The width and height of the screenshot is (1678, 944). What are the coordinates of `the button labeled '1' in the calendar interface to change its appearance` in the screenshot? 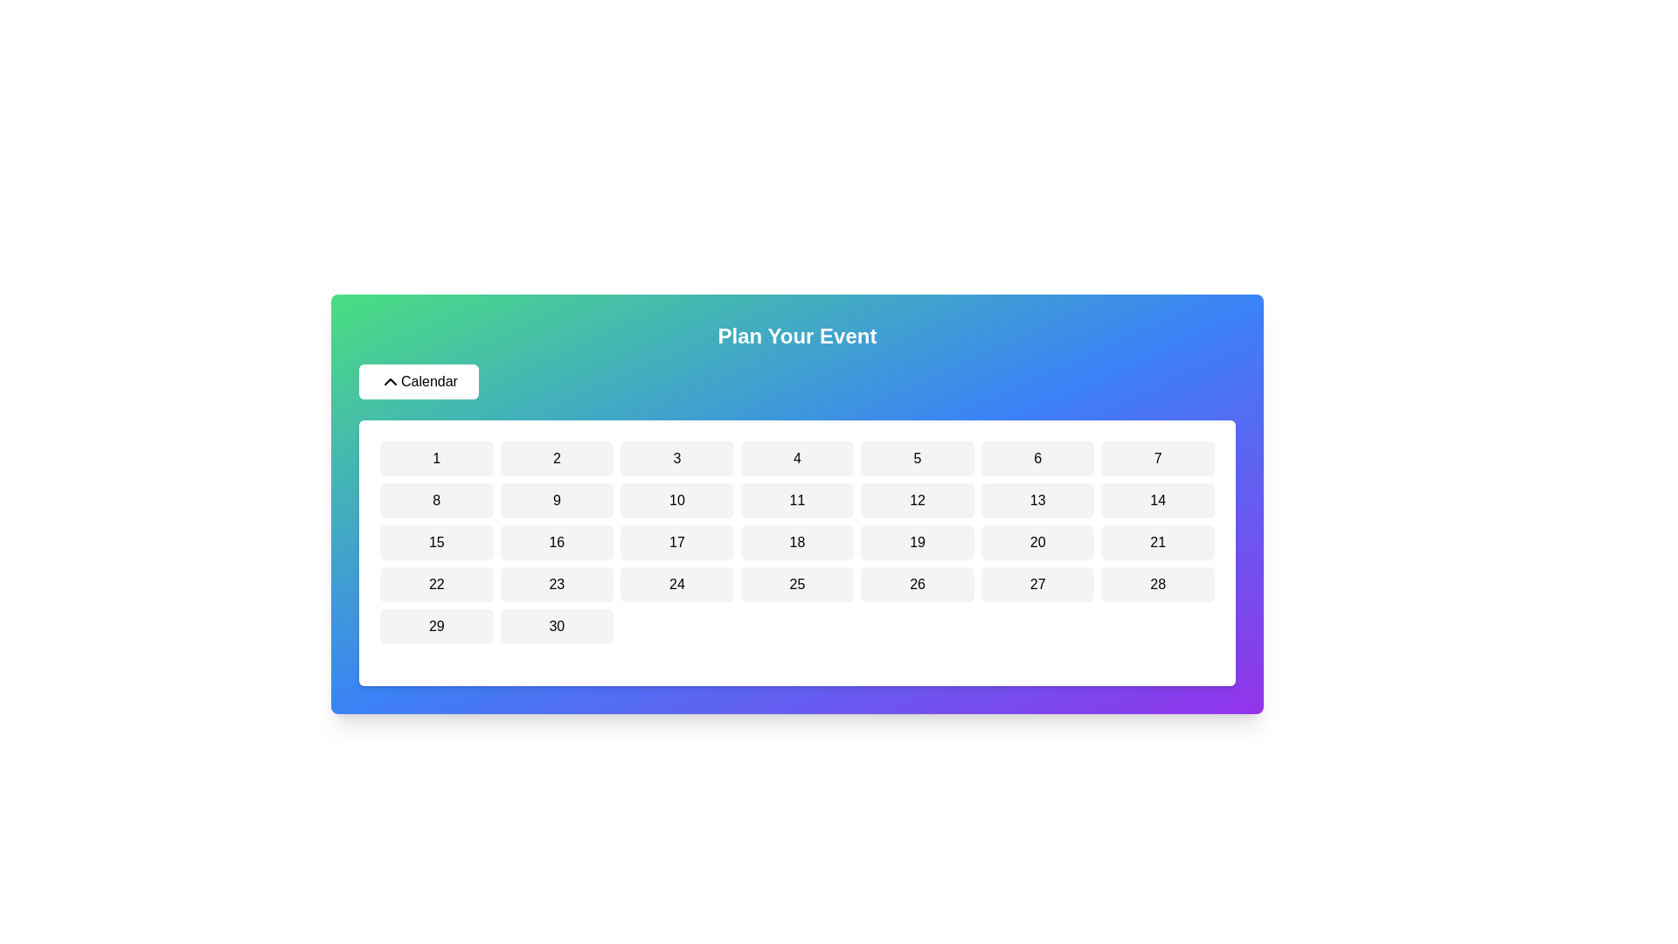 It's located at (436, 457).